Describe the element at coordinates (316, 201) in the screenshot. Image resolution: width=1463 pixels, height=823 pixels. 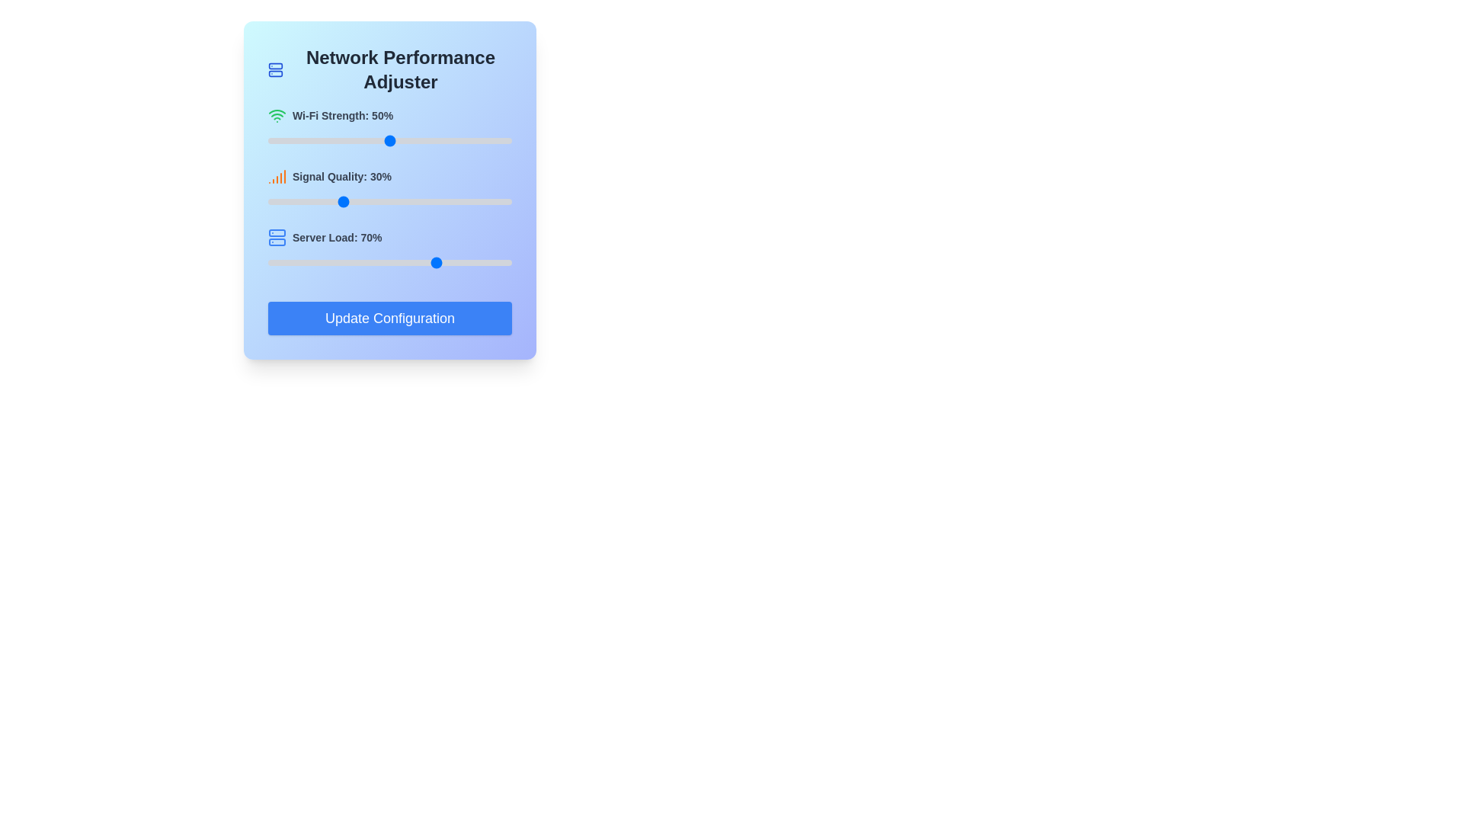
I see `the signal quality` at that location.